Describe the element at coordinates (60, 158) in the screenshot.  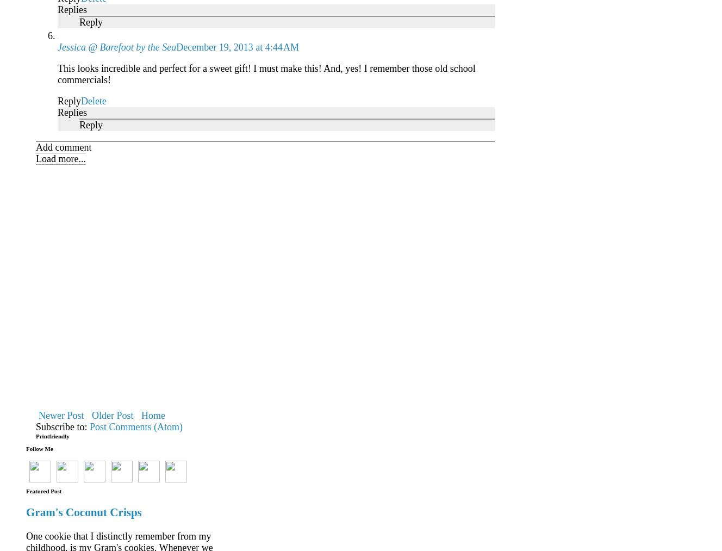
I see `'Load more...'` at that location.